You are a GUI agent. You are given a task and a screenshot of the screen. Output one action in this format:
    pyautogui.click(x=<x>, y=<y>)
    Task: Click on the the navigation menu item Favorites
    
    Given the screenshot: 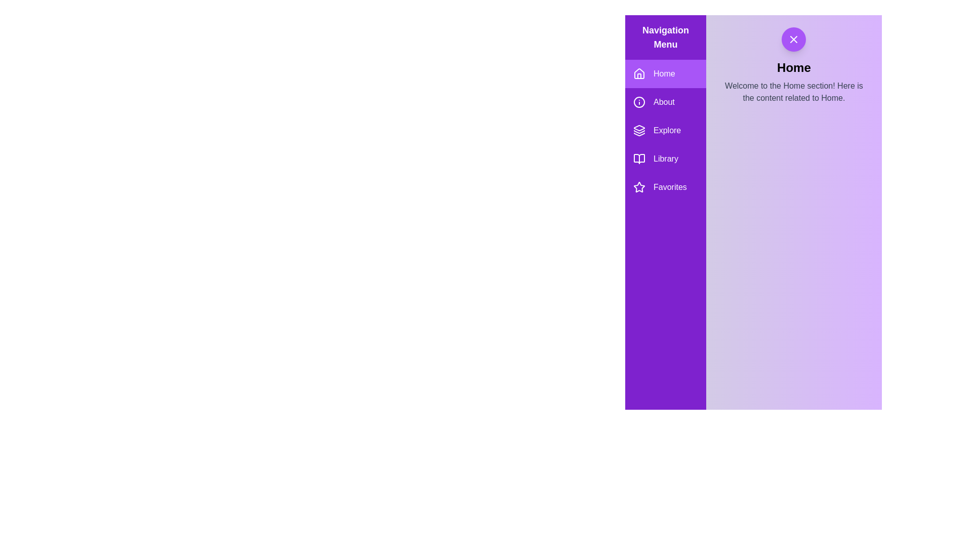 What is the action you would take?
    pyautogui.click(x=666, y=187)
    